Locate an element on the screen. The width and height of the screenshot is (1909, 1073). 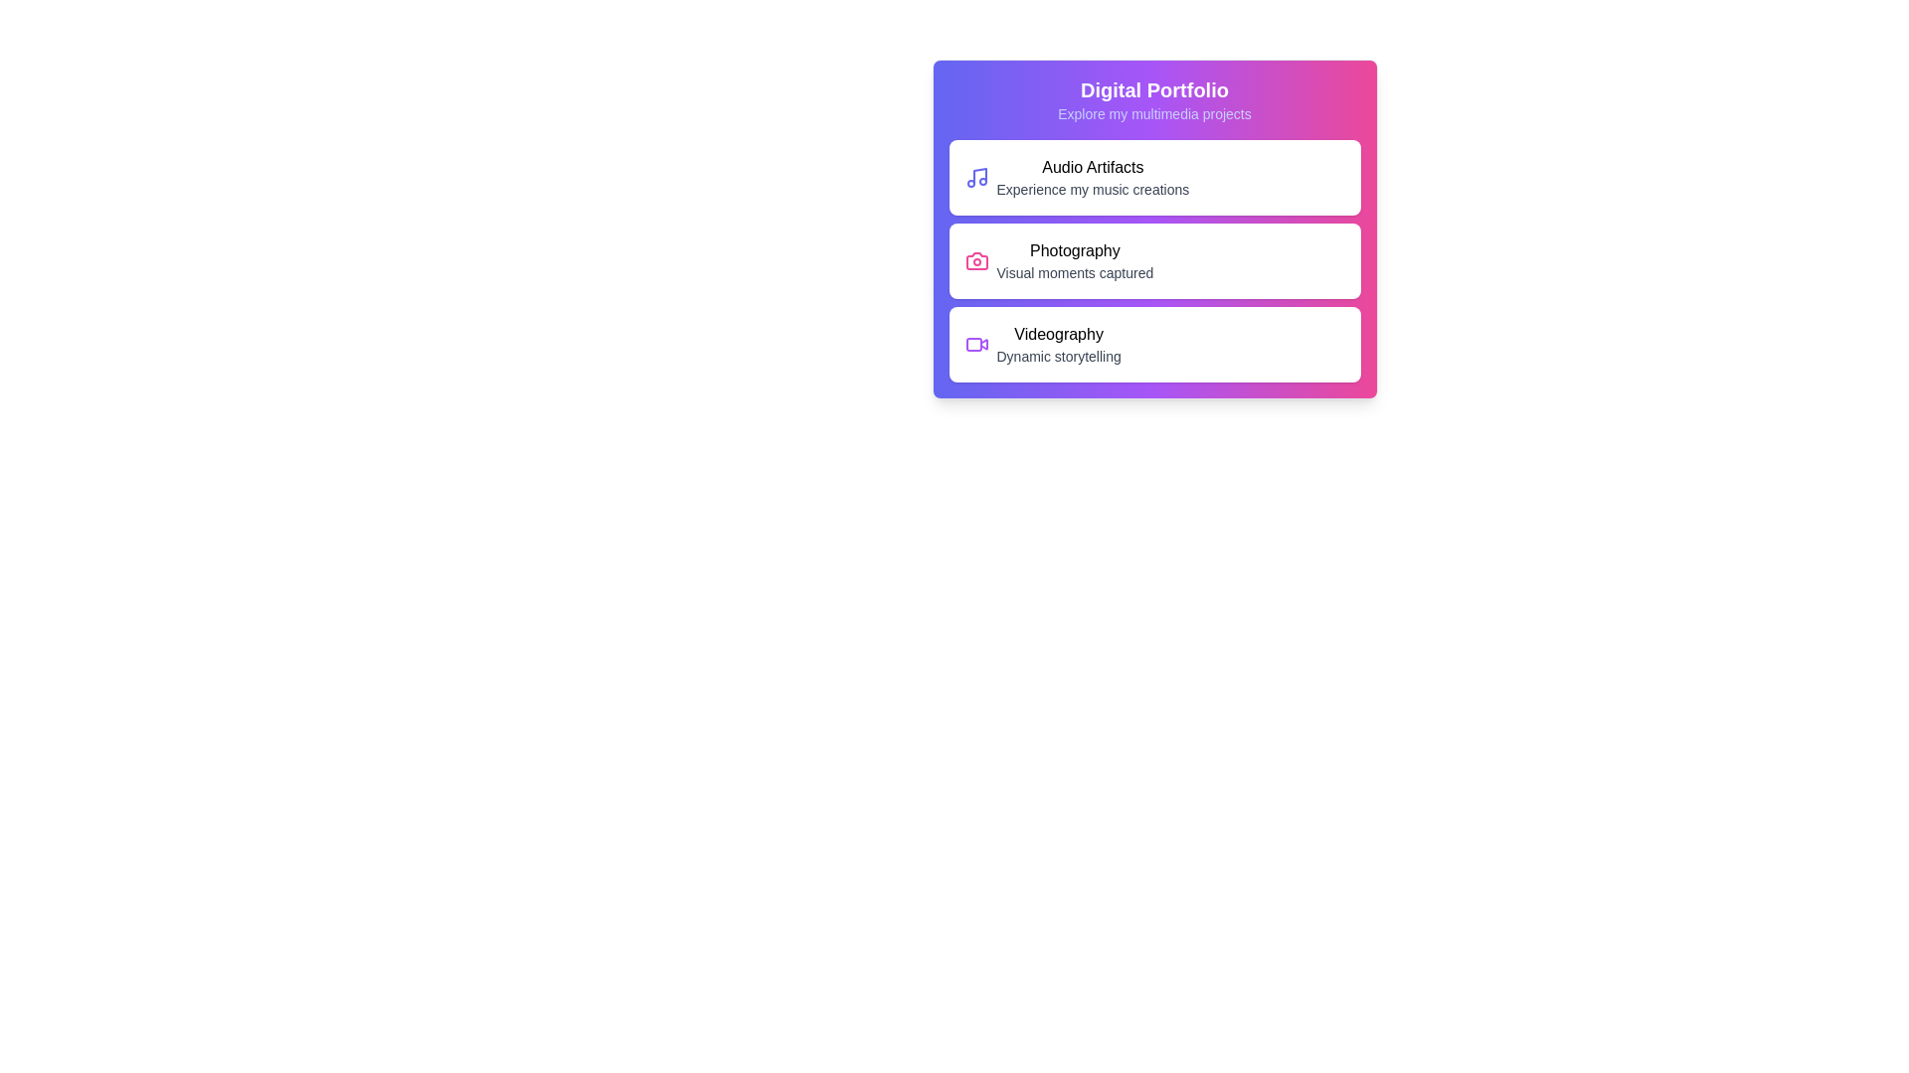
the text label that reads 'Dynamic storytelling', which is styled with a smaller font size and gray color, located directly below the header 'Videography' in the third content block is located at coordinates (1058, 355).